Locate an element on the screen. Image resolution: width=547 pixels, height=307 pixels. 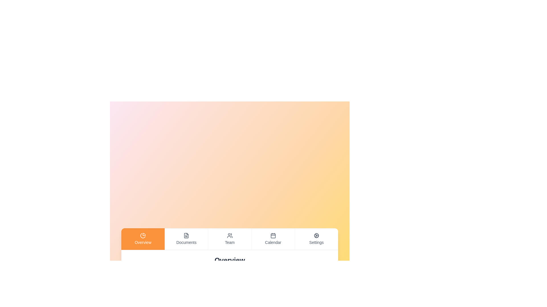
the 'Documents' icon in the bottom navigation bar is located at coordinates (186, 235).